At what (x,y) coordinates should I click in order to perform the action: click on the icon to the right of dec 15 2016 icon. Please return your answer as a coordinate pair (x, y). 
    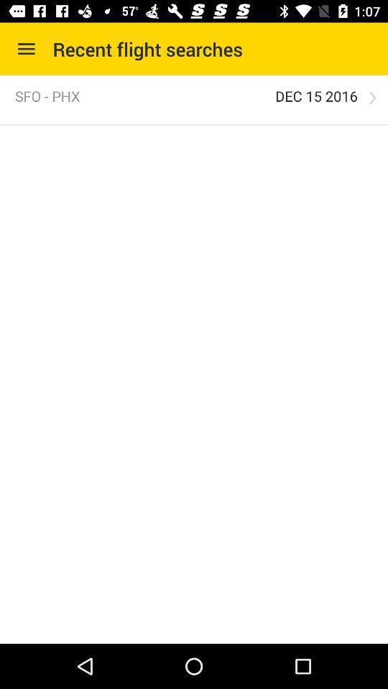
    Looking at the image, I should click on (372, 97).